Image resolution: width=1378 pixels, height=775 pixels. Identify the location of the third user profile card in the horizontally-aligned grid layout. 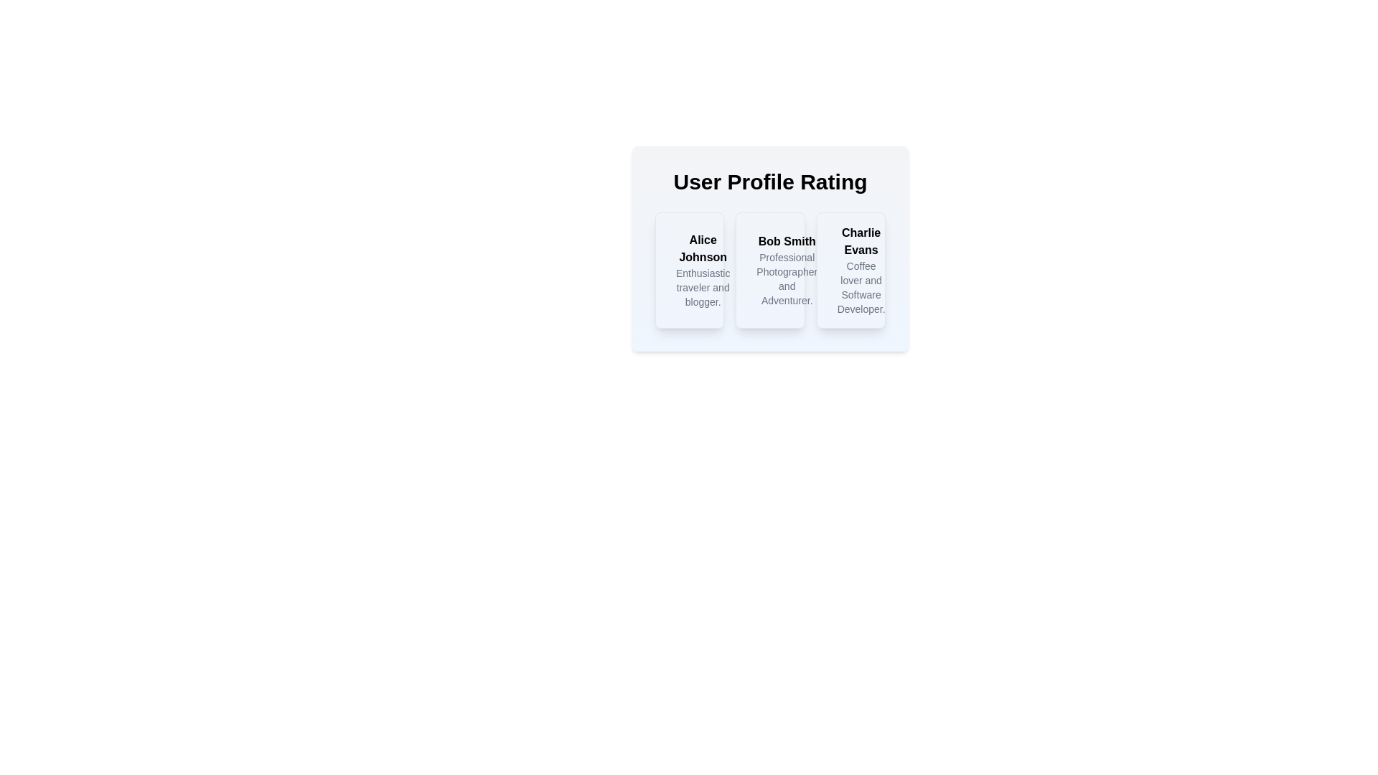
(850, 271).